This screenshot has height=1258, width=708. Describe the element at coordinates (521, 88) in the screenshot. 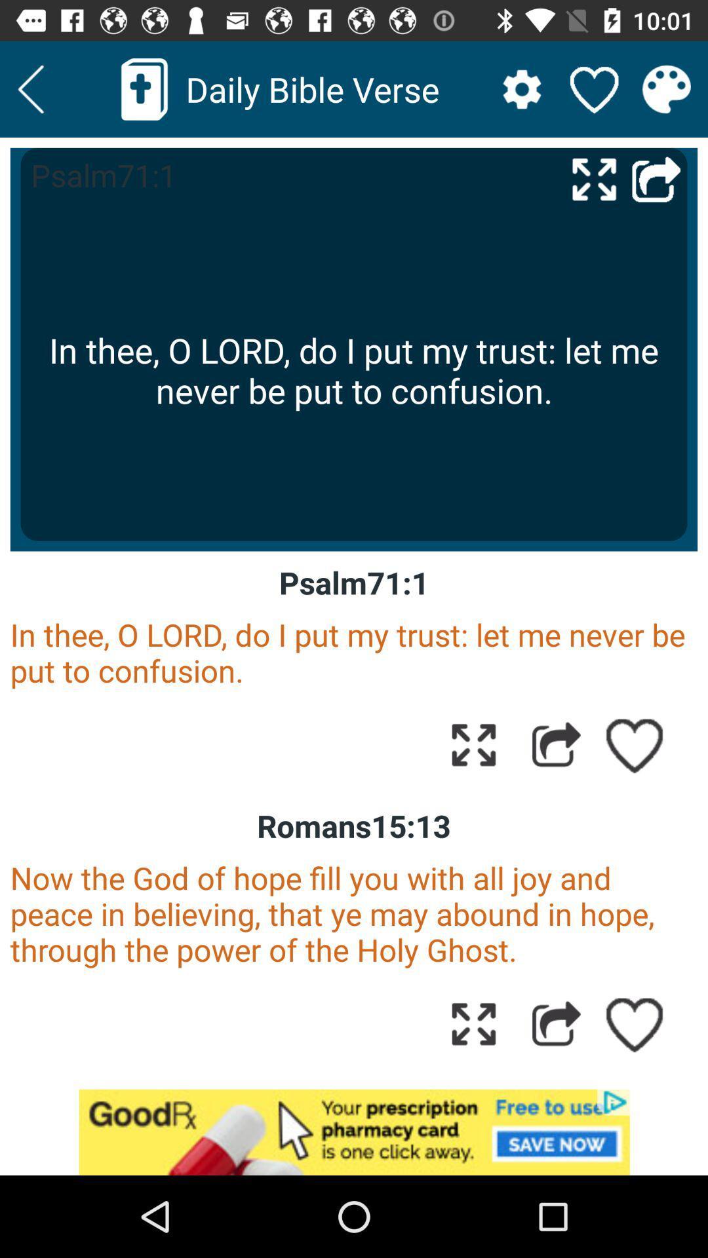

I see `settings tab` at that location.